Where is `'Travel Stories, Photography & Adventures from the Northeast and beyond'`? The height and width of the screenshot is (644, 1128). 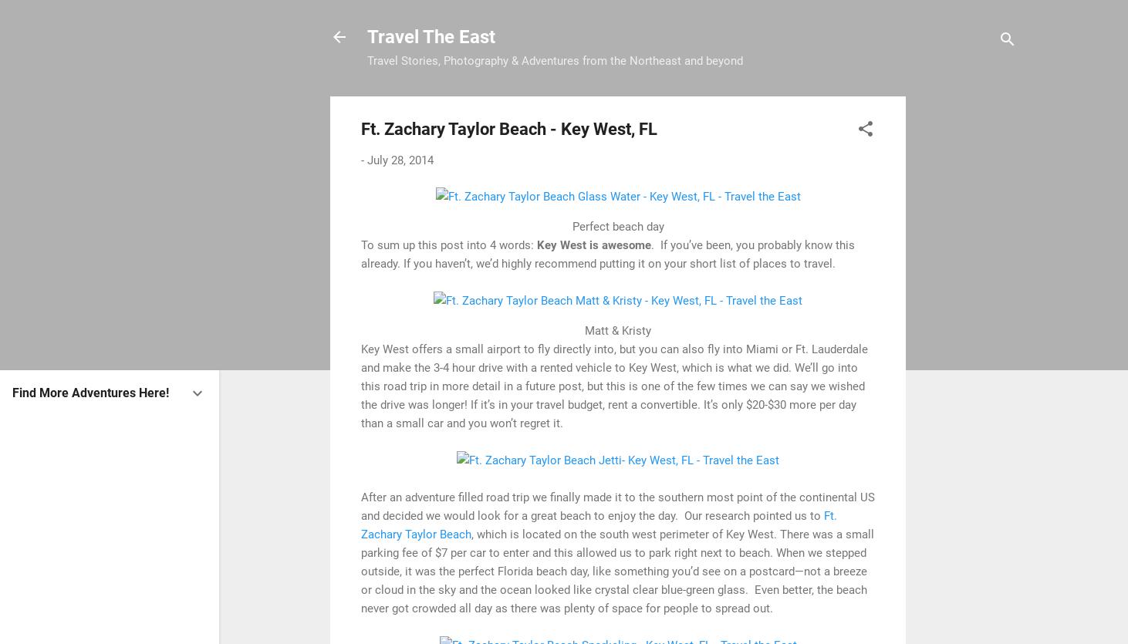 'Travel Stories, Photography & Adventures from the Northeast and beyond' is located at coordinates (555, 60).